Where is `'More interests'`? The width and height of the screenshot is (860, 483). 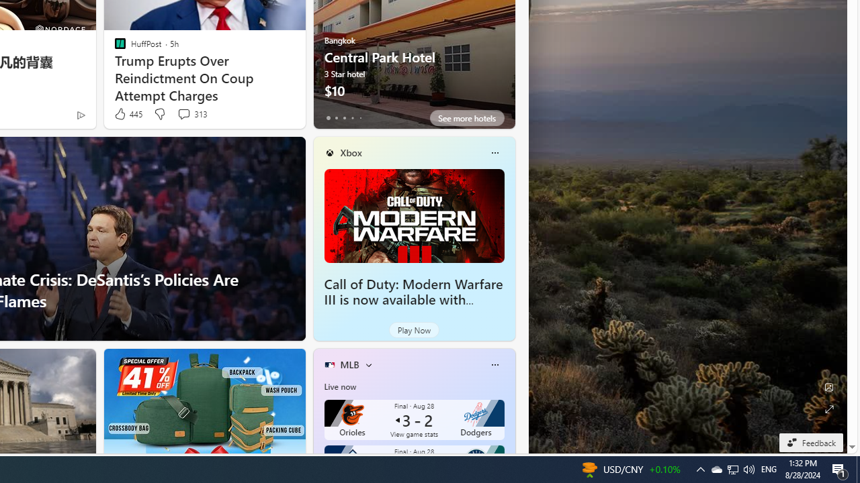 'More interests' is located at coordinates (368, 364).